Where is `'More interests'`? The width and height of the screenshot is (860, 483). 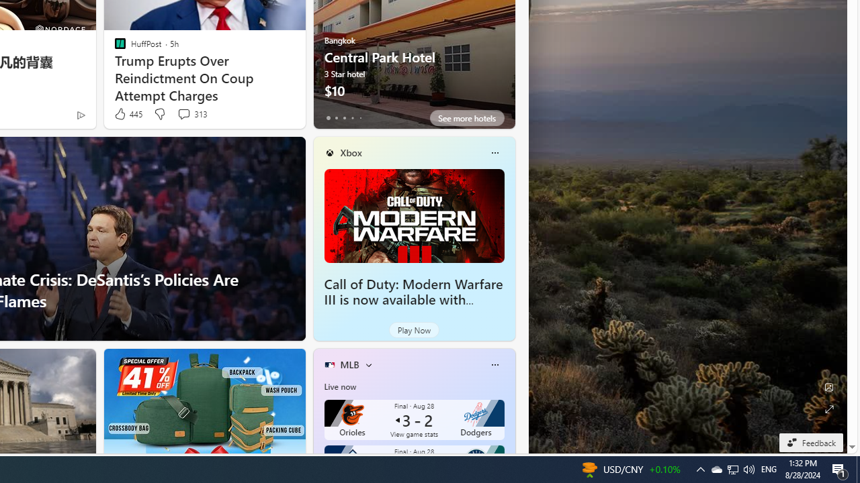 'More interests' is located at coordinates (368, 364).